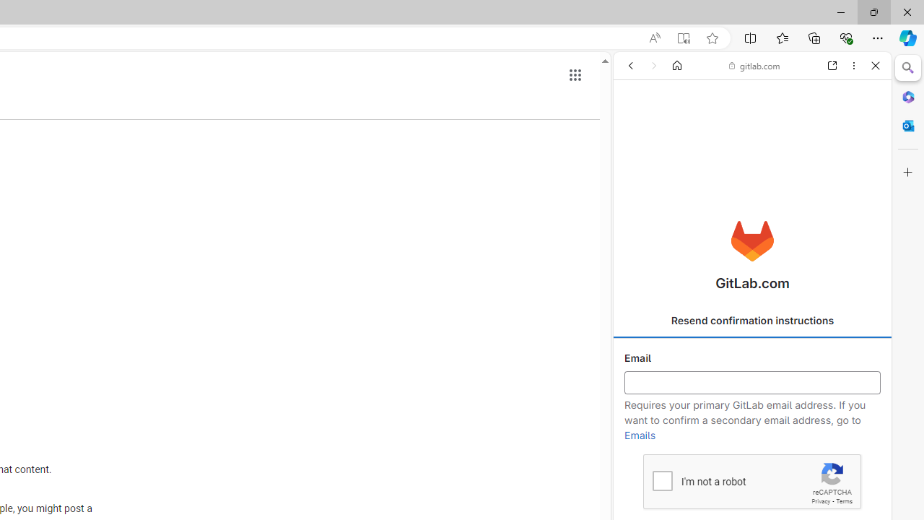 The height and width of the screenshot is (520, 924). Describe the element at coordinates (853, 66) in the screenshot. I see `'More options'` at that location.